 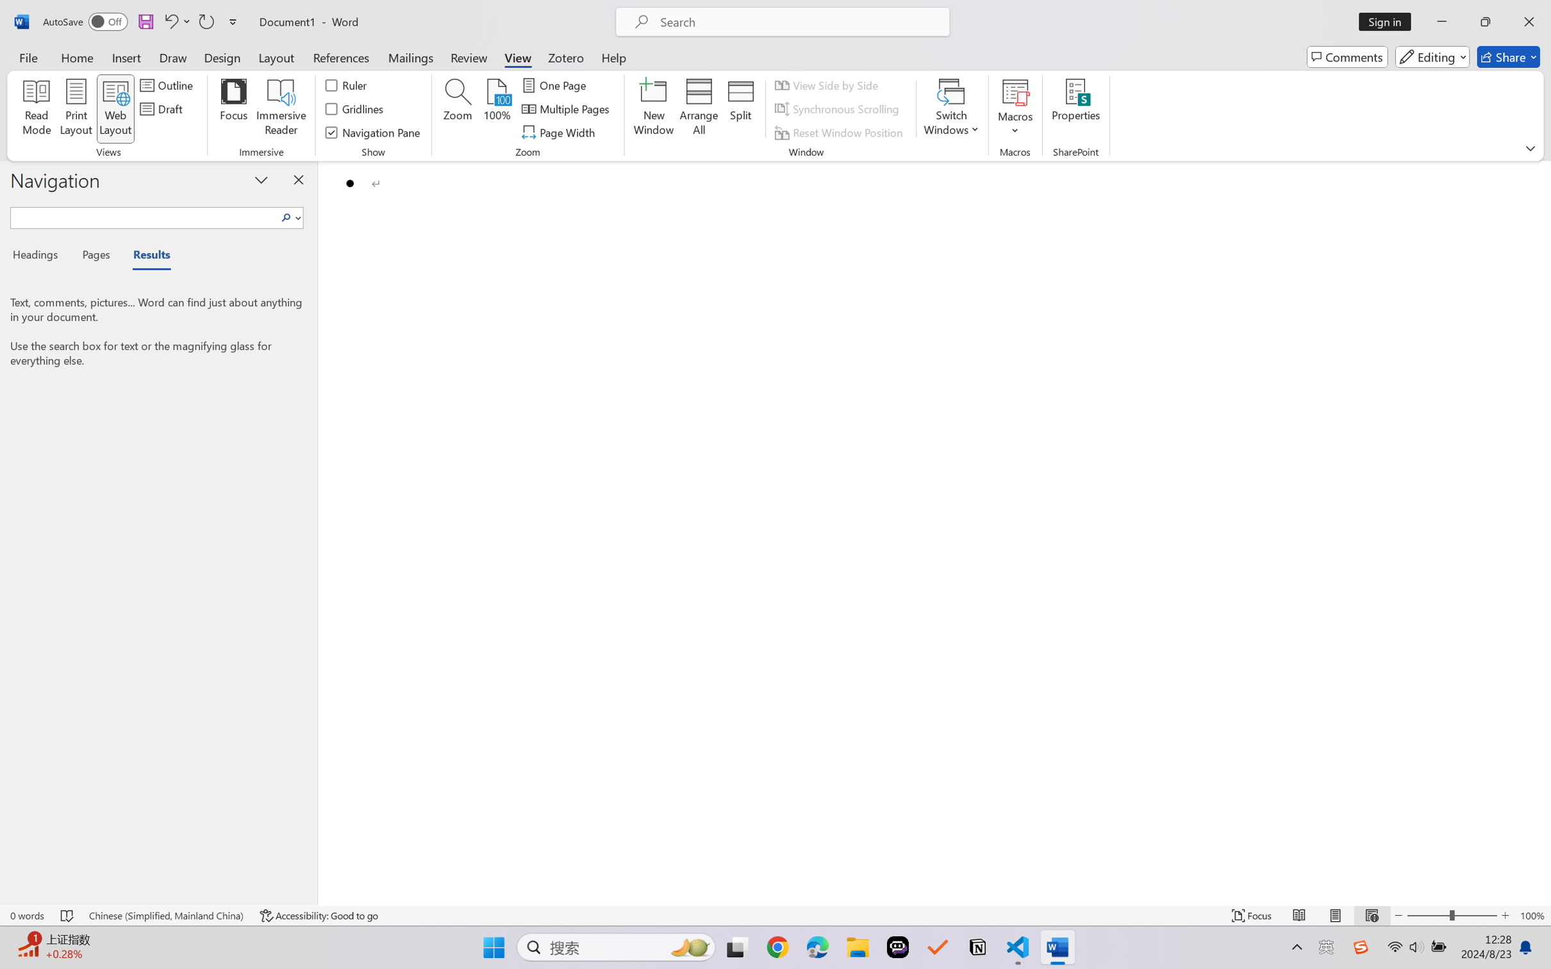 I want to click on 'Results', so click(x=145, y=257).